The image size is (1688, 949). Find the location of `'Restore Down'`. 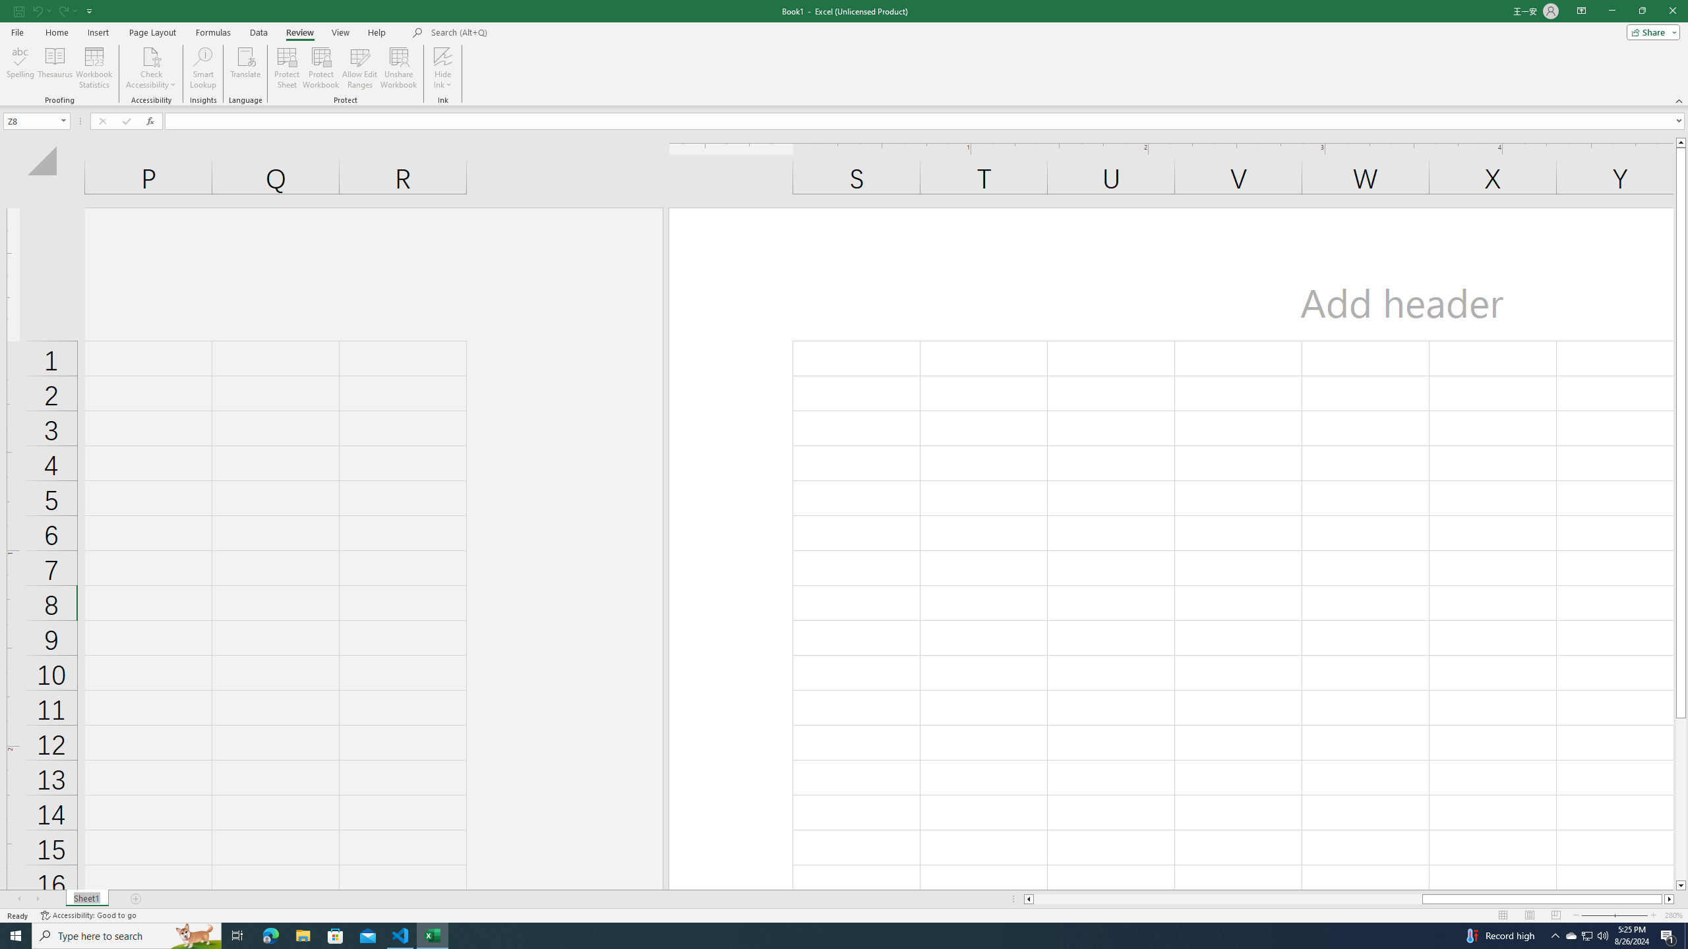

'Restore Down' is located at coordinates (1642, 11).